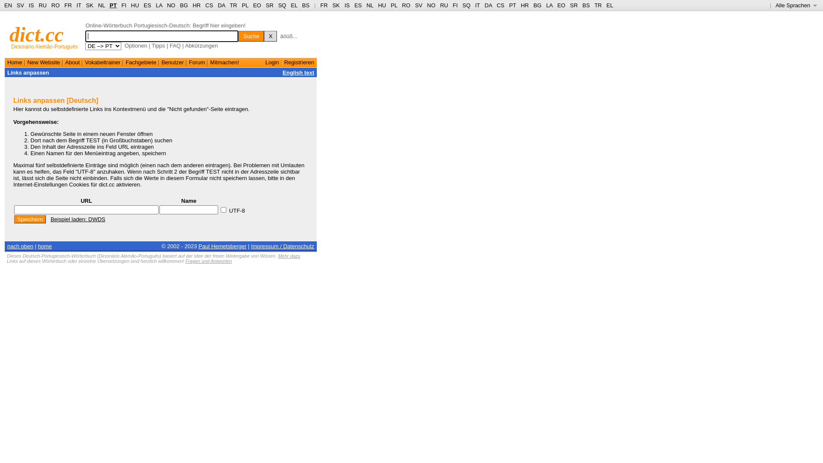 This screenshot has width=823, height=463. Describe the element at coordinates (271, 62) in the screenshot. I see `'Login'` at that location.